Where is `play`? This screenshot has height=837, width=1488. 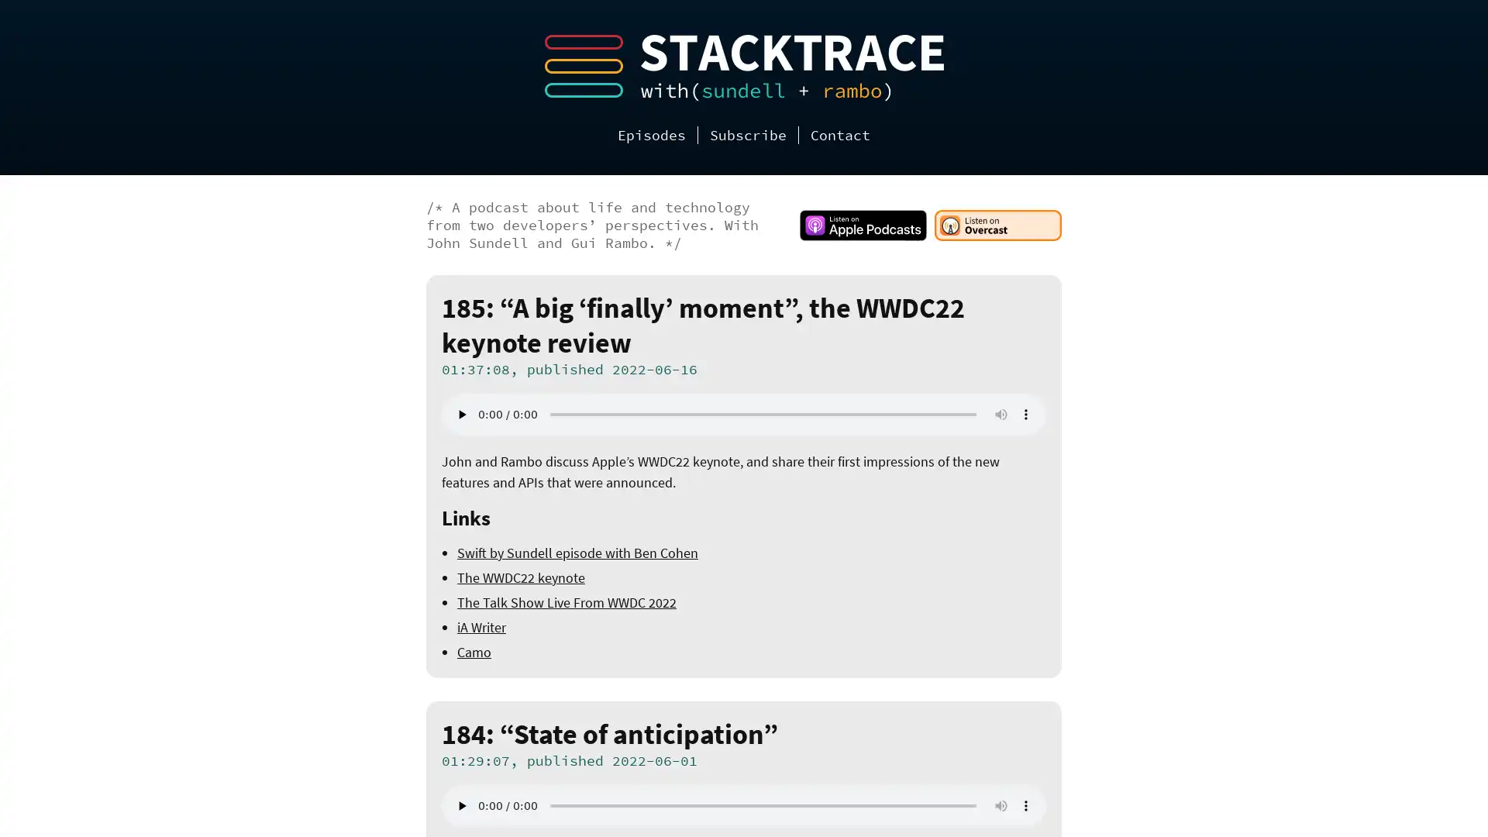
play is located at coordinates (460, 805).